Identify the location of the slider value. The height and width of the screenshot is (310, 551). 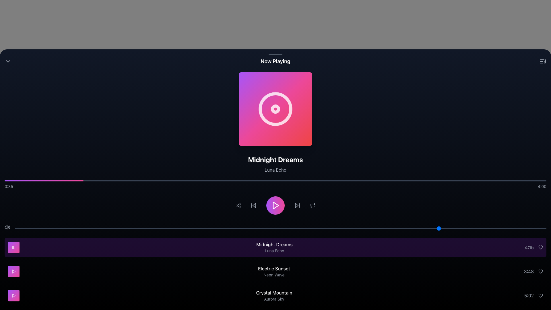
(126, 228).